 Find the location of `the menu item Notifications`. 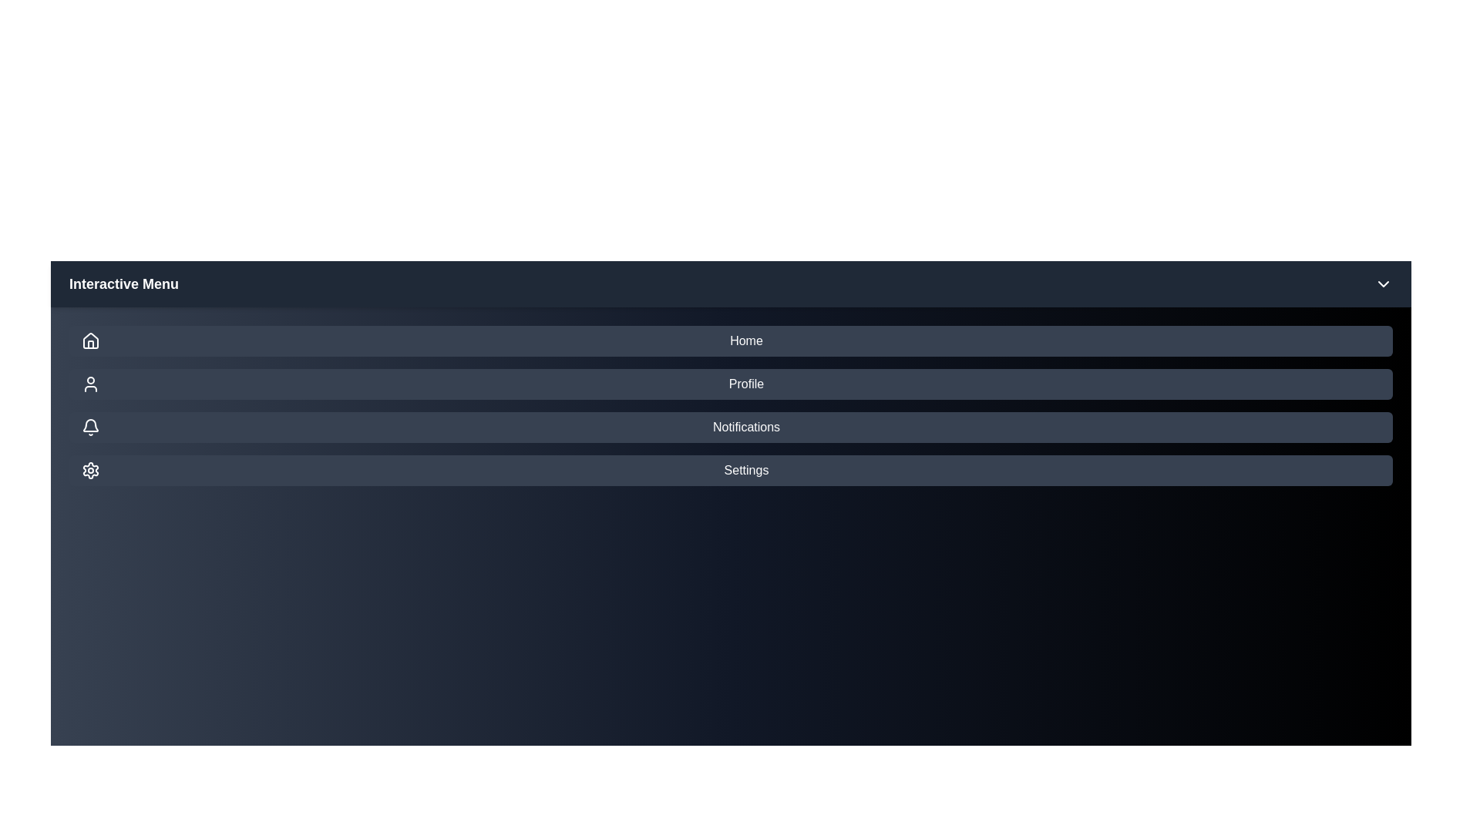

the menu item Notifications is located at coordinates (730, 428).